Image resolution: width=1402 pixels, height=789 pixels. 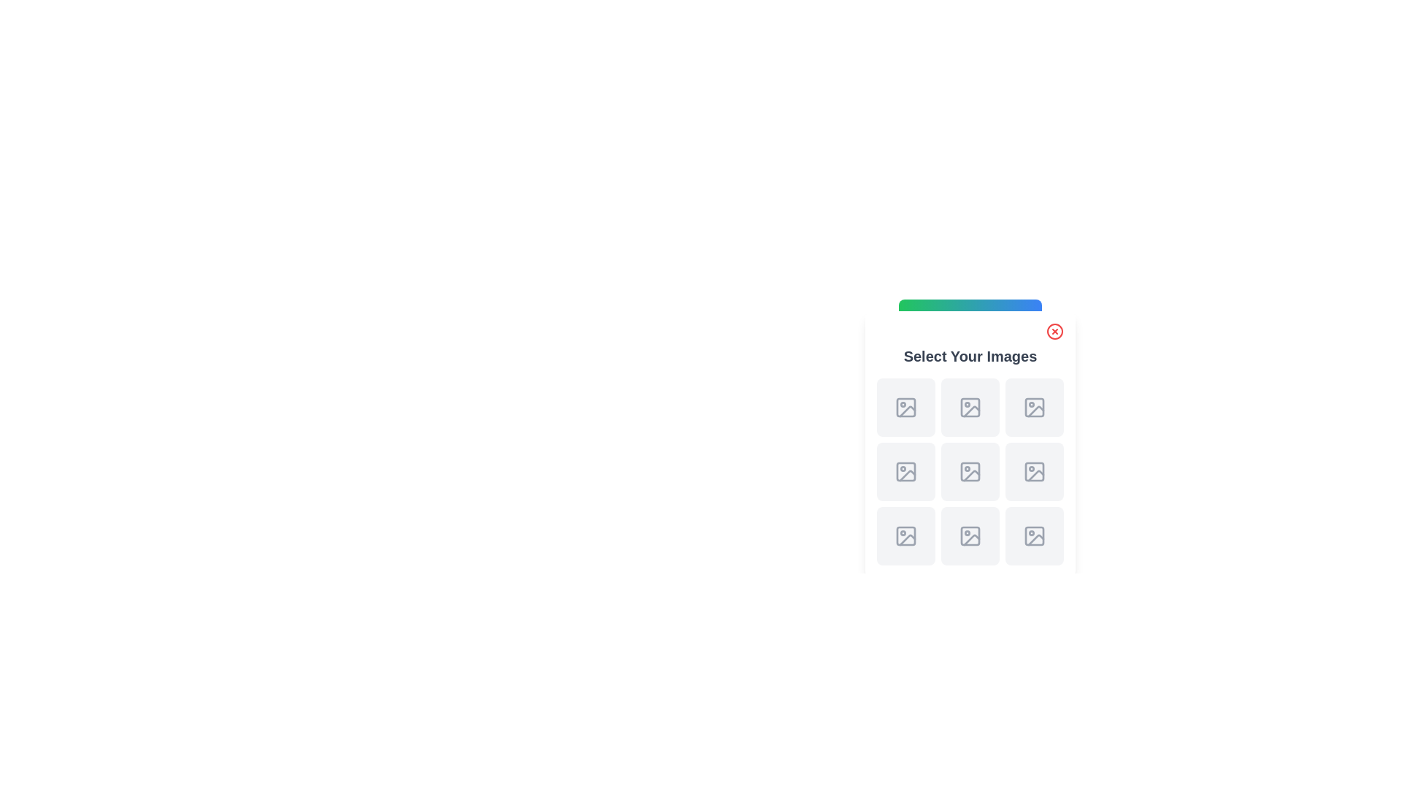 I want to click on the decorative icon for selecting or uploading an image, located in the top row, second column of the 3x3 grid of image placeholders, so click(x=907, y=476).